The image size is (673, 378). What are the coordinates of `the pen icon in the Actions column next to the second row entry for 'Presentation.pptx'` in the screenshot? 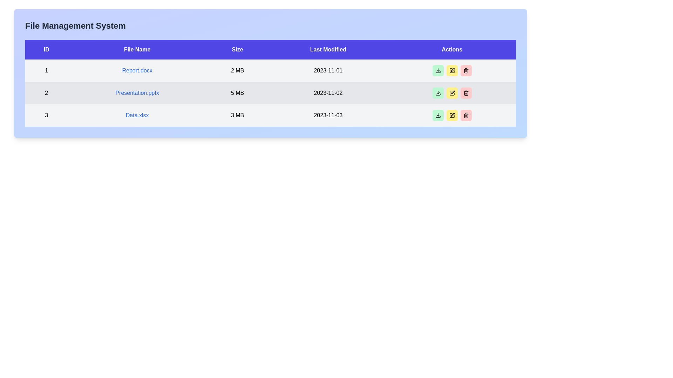 It's located at (453, 70).